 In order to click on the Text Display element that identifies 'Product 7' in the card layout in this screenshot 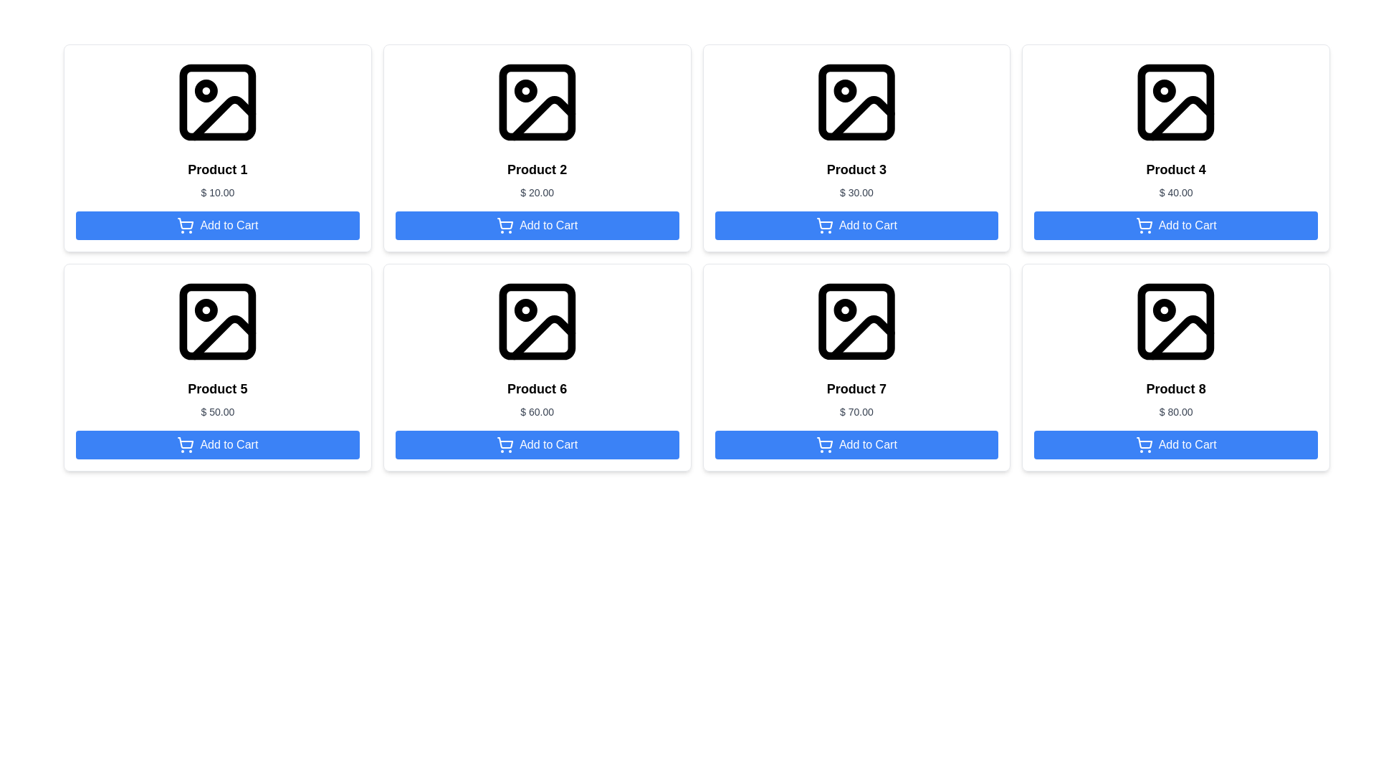, I will do `click(856, 389)`.